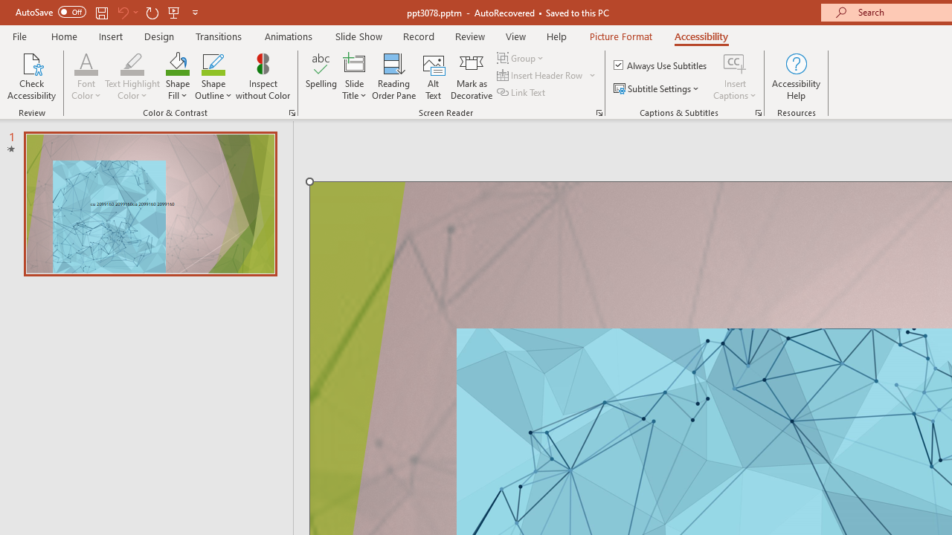  Describe the element at coordinates (660, 64) in the screenshot. I see `'Always Use Subtitles'` at that location.